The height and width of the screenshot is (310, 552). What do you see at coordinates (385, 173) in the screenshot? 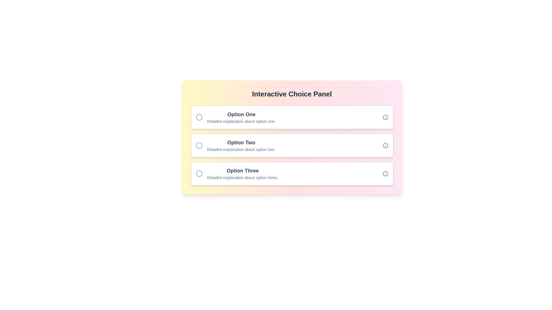
I see `the circular SVG graphical element that is part of an icon, located to the right side of the third option in a vertical stacked list` at bounding box center [385, 173].